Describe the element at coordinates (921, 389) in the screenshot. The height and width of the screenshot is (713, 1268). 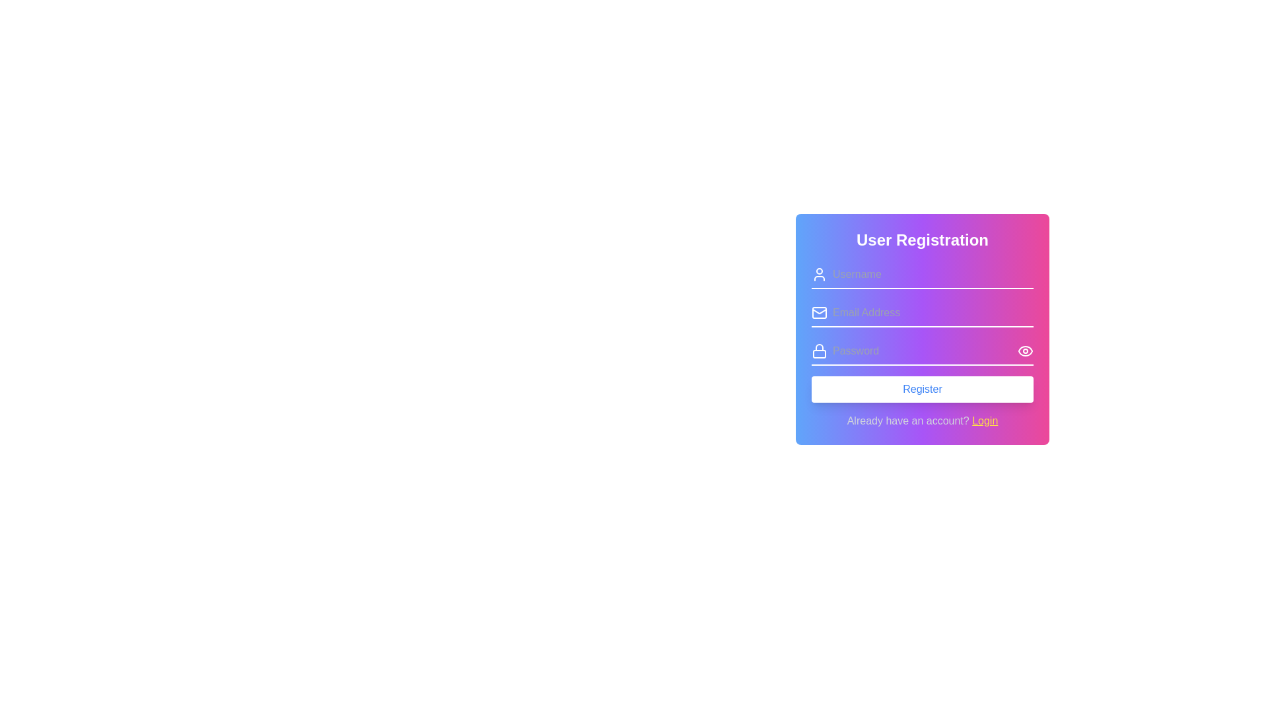
I see `the submit registration button located at the bottom of the form to observe hover effects` at that location.